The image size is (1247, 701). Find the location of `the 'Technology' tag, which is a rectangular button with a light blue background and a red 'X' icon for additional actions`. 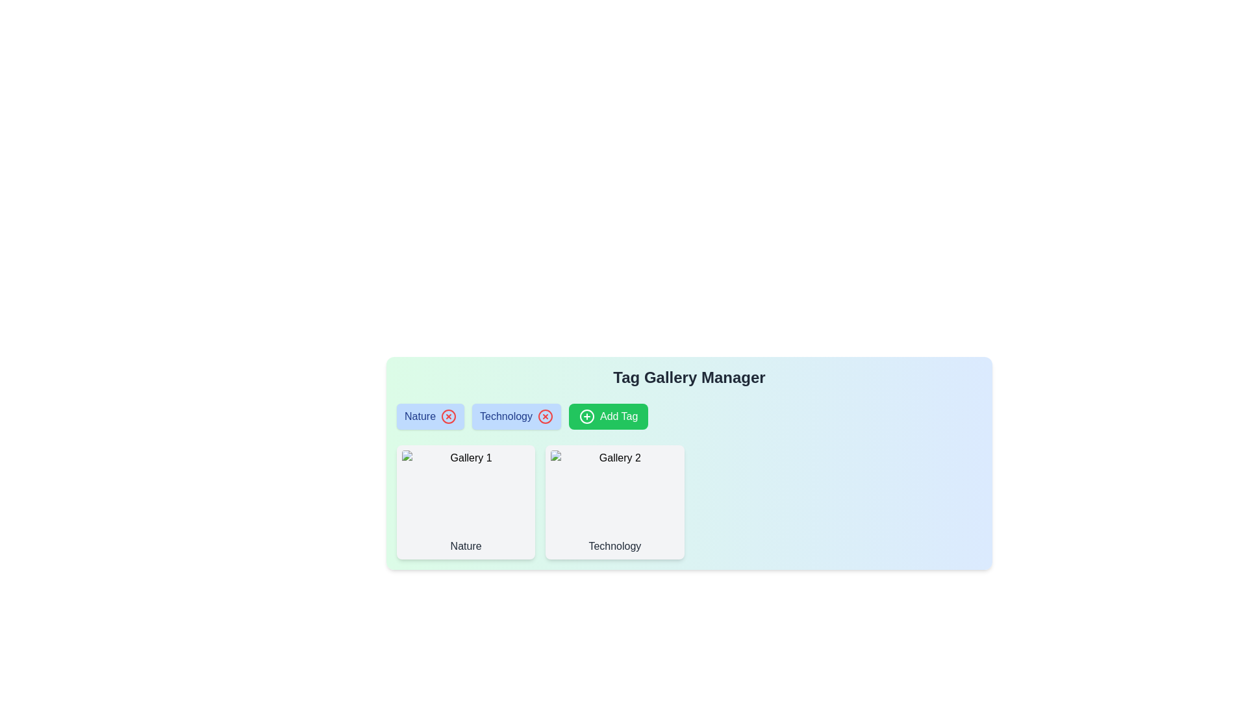

the 'Technology' tag, which is a rectangular button with a light blue background and a red 'X' icon for additional actions is located at coordinates (516, 416).